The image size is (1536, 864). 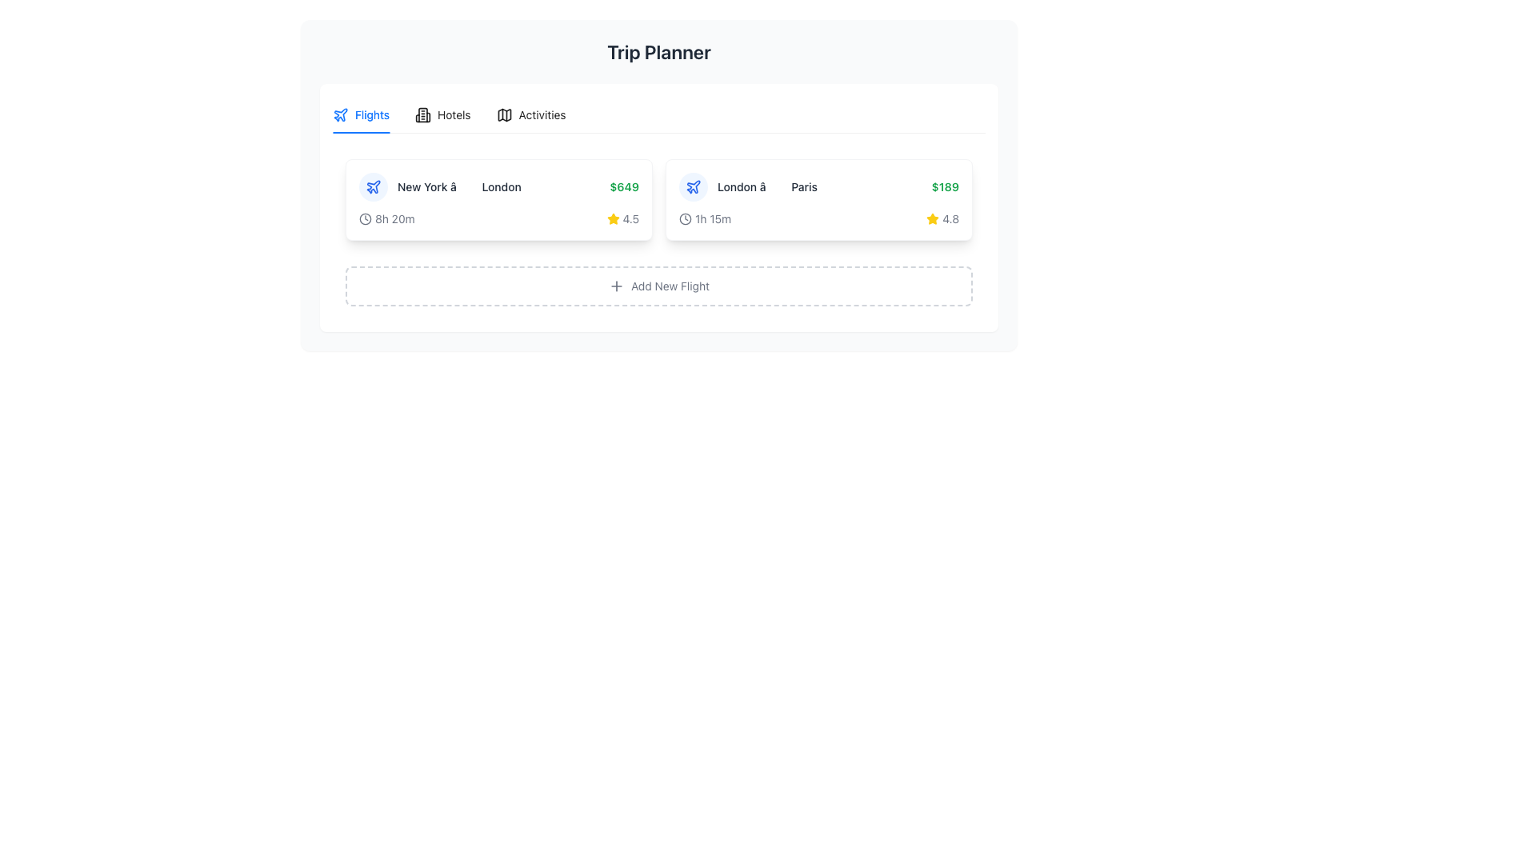 I want to click on the airplane icon, so click(x=340, y=114).